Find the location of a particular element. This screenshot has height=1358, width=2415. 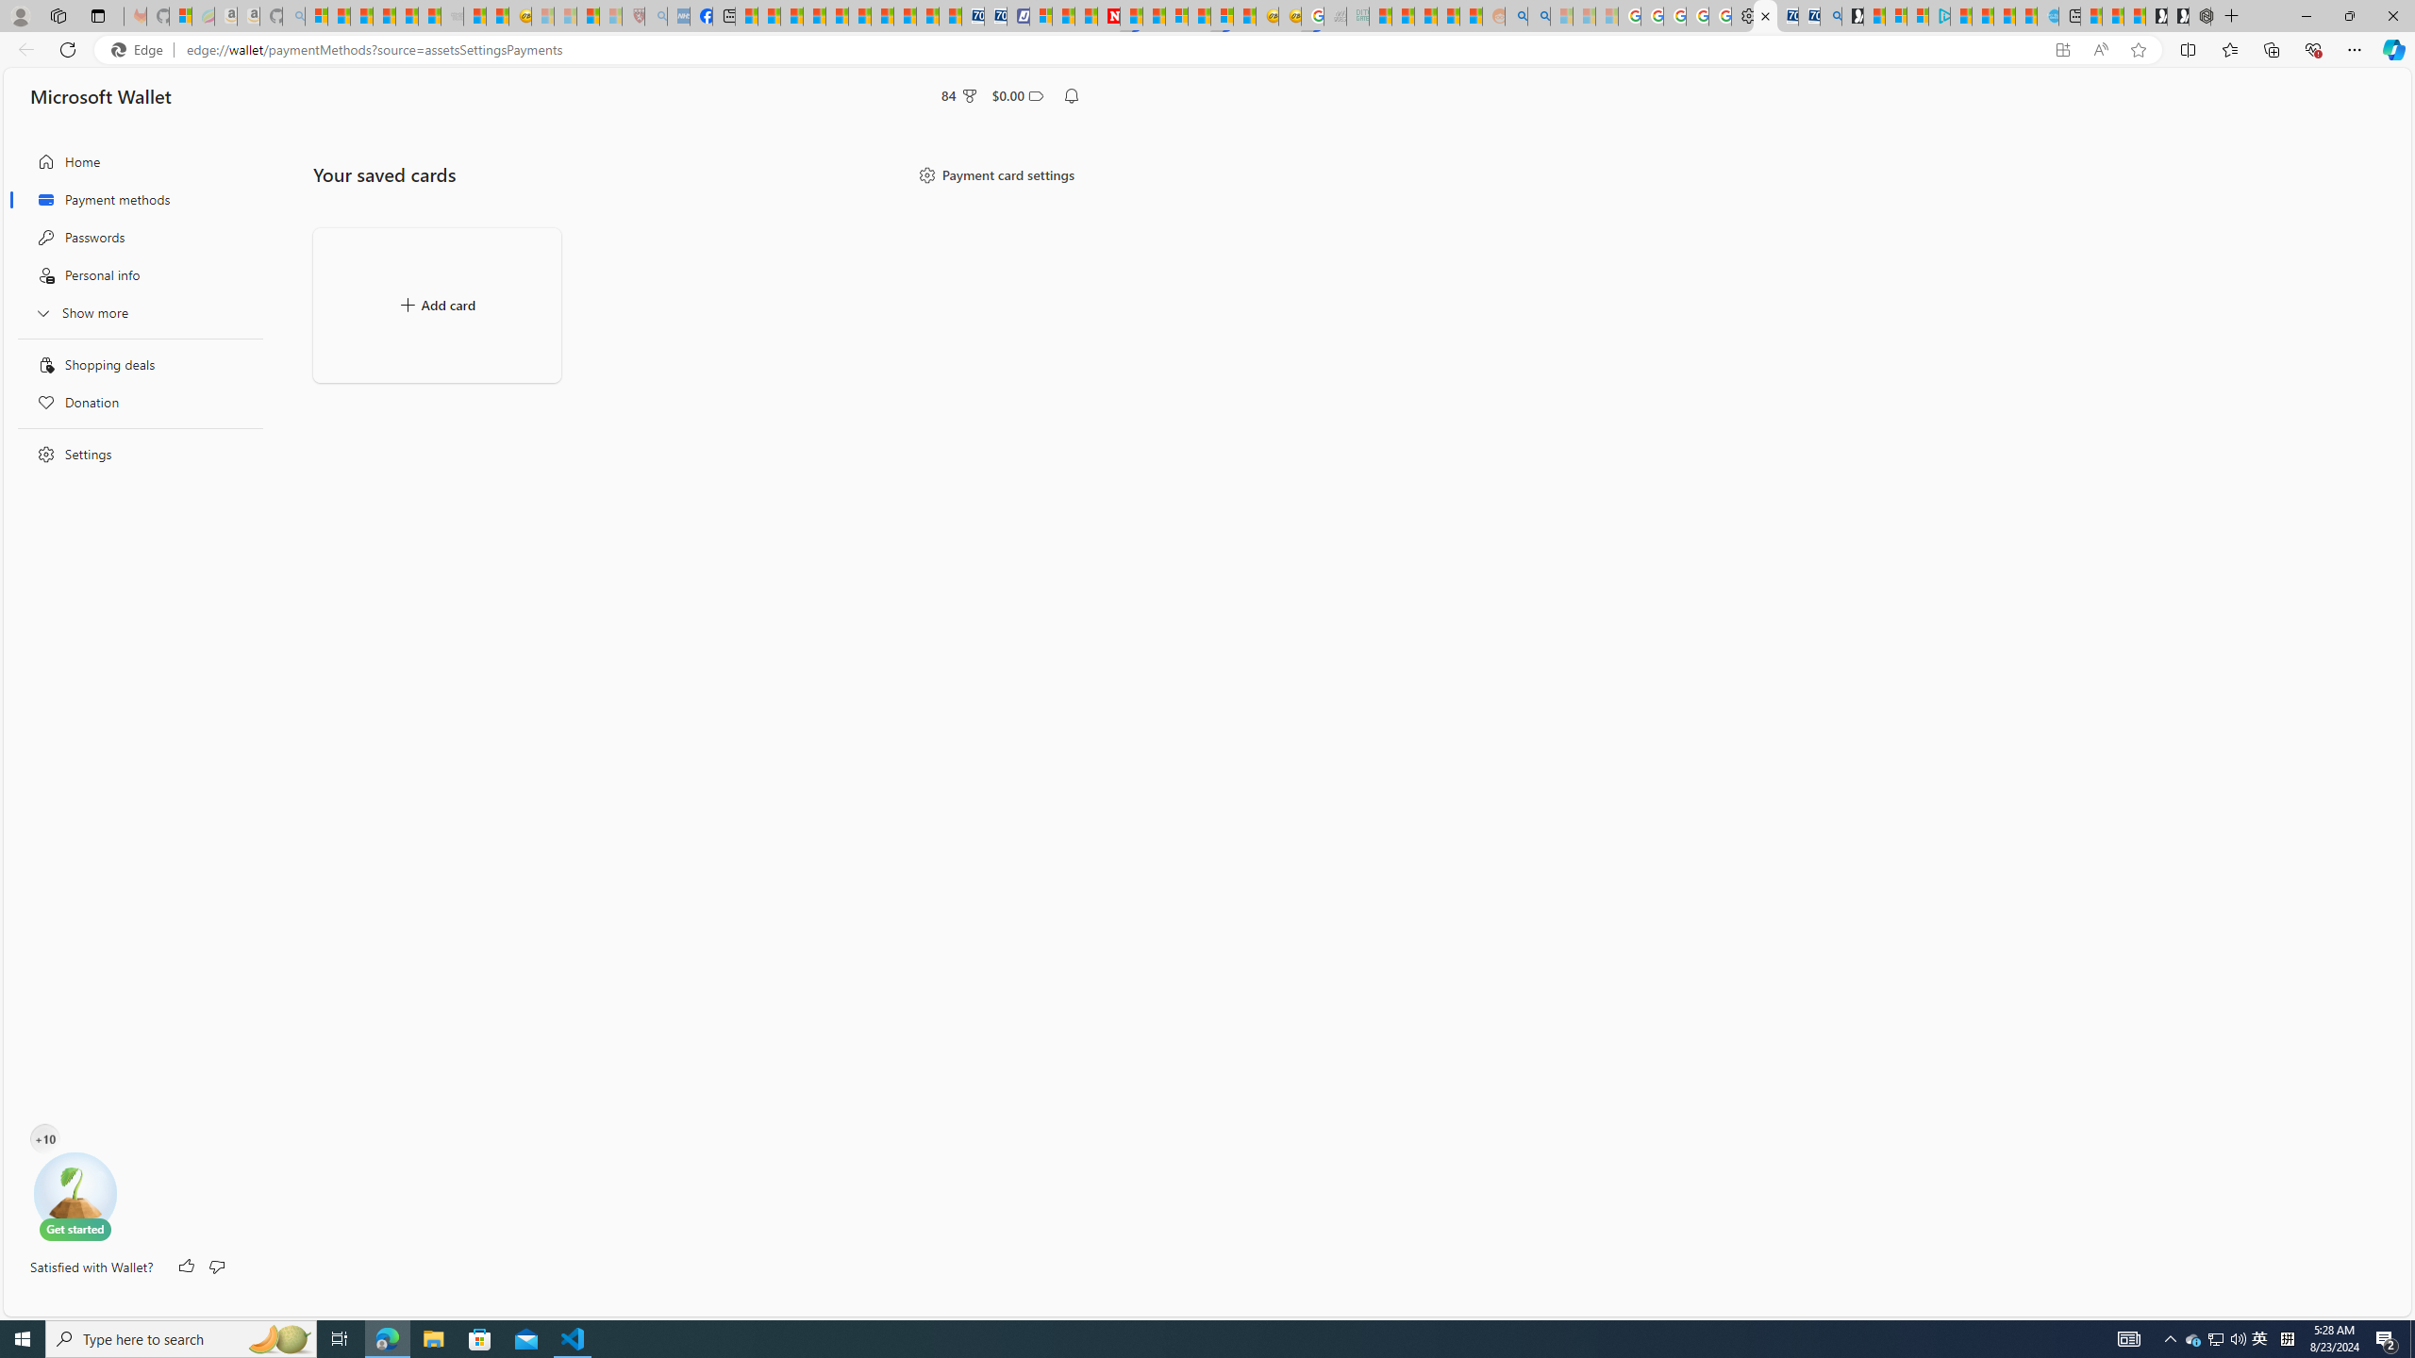

'Passwords' is located at coordinates (134, 236).